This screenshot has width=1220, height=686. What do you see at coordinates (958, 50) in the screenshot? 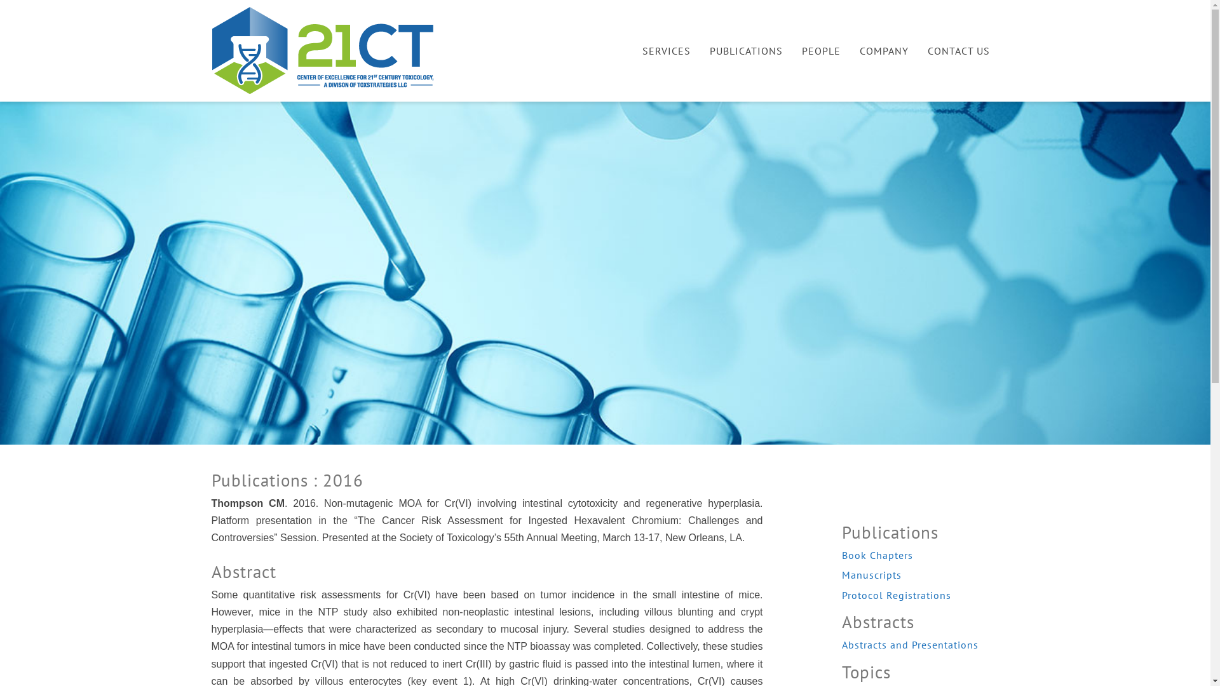
I see `'CONTACT US'` at bounding box center [958, 50].